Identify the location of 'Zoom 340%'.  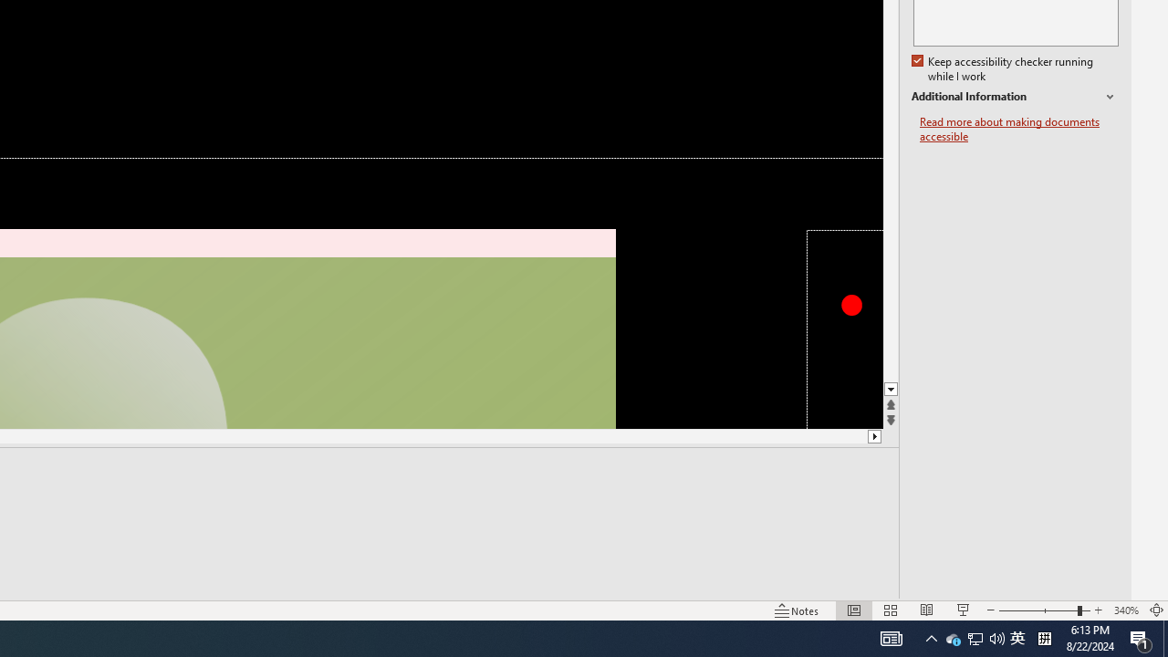
(1125, 610).